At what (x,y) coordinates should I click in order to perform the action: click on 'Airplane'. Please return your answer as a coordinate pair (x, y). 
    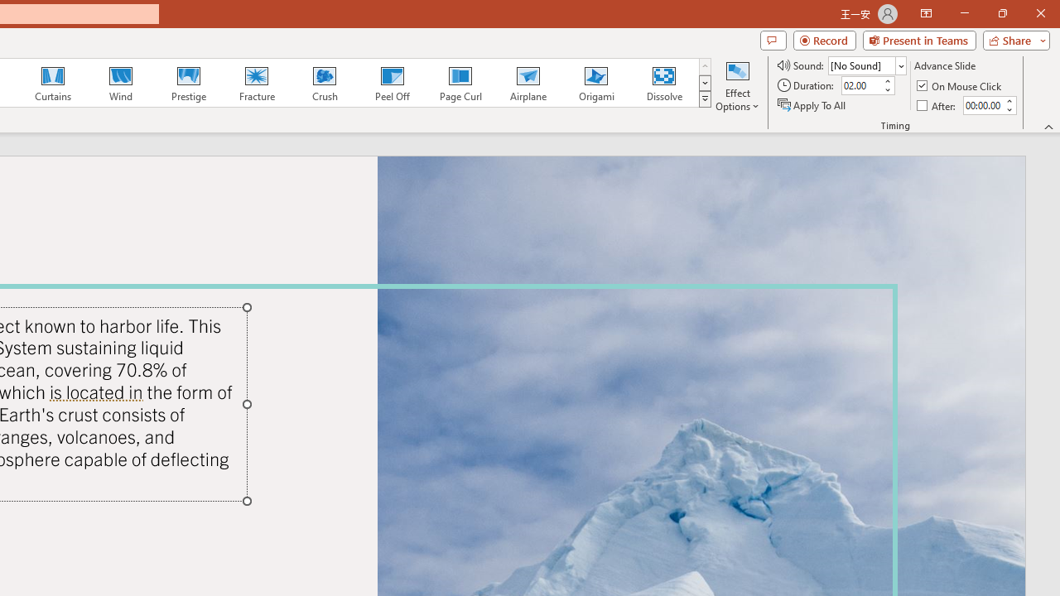
    Looking at the image, I should click on (527, 83).